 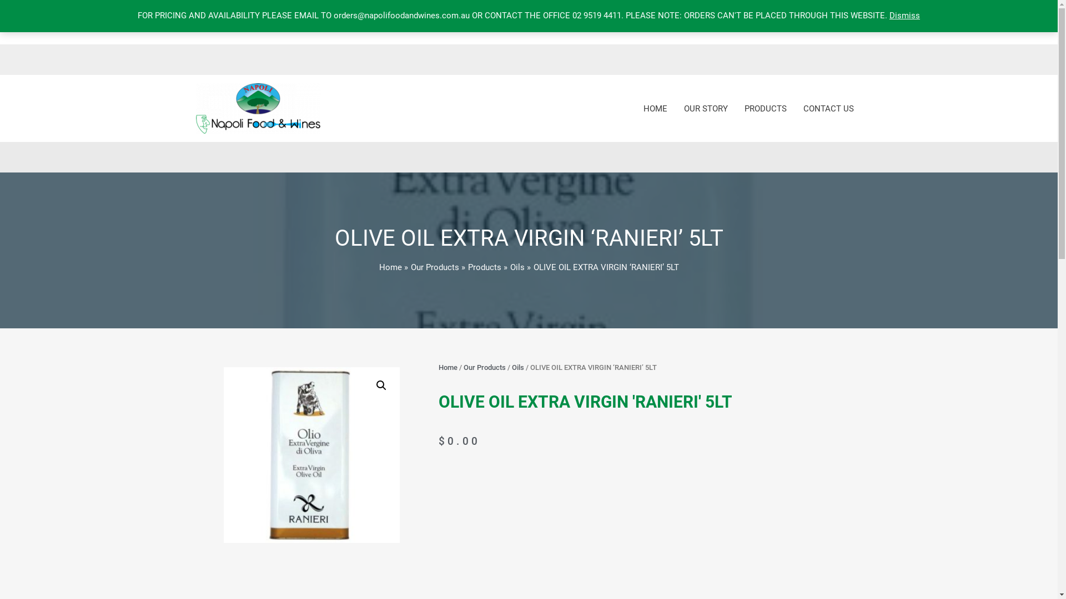 What do you see at coordinates (674, 108) in the screenshot?
I see `'OUR STORY'` at bounding box center [674, 108].